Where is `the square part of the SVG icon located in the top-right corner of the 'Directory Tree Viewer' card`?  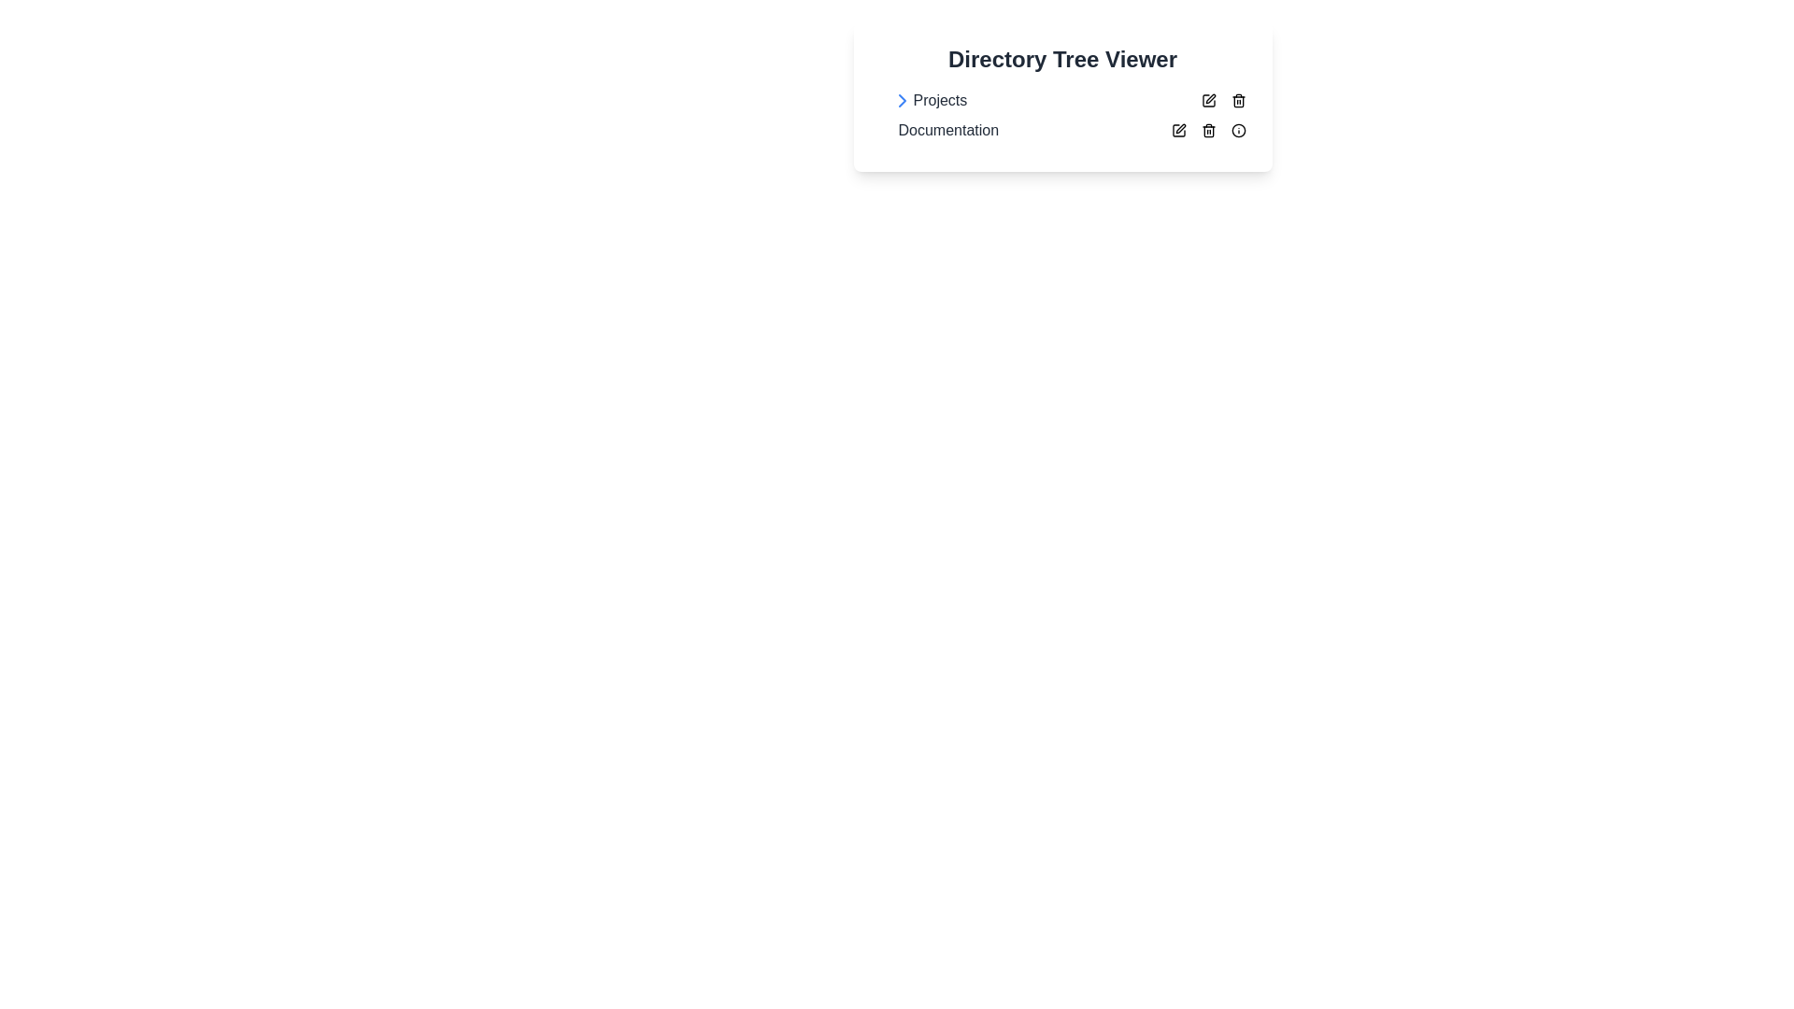
the square part of the SVG icon located in the top-right corner of the 'Directory Tree Viewer' card is located at coordinates (1208, 101).